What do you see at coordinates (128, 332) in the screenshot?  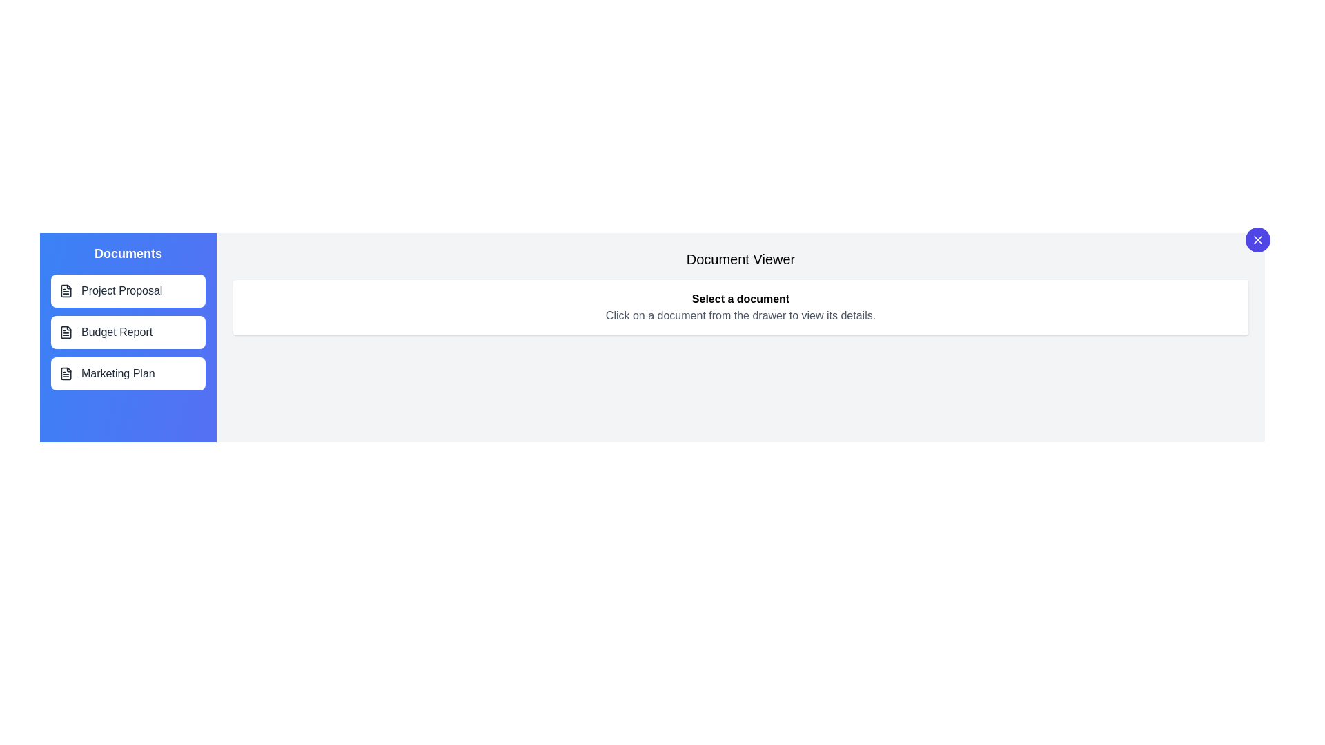 I see `the document item labeled Budget Report to preview its interactivity` at bounding box center [128, 332].